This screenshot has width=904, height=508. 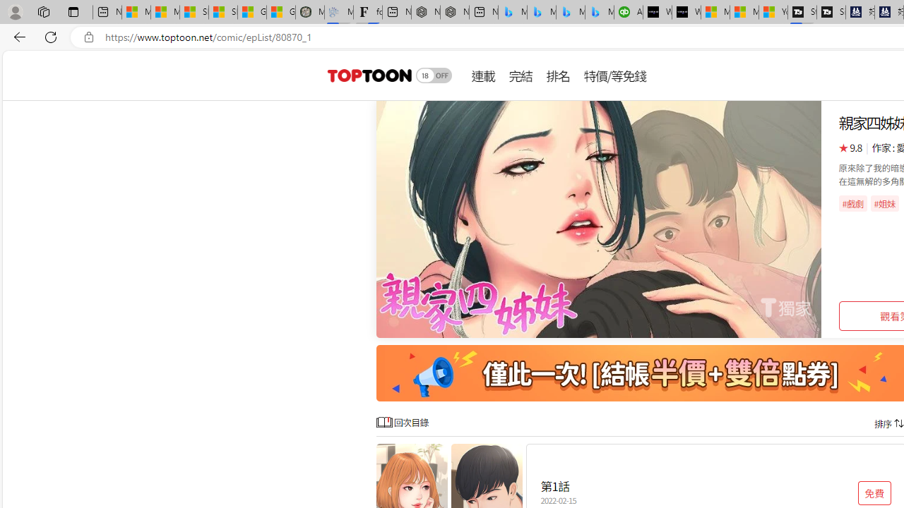 I want to click on 'Microsoft Bing Travel - Stays in Bangkok, Bangkok, Thailand', so click(x=541, y=12).